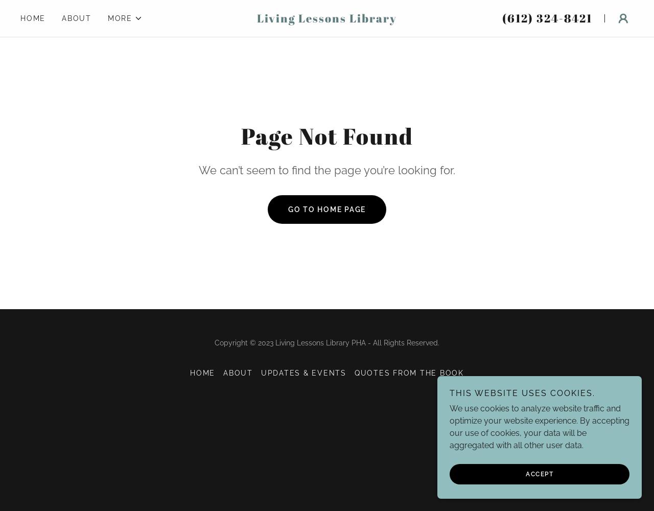  I want to click on '(612) 324-8421', so click(546, 18).